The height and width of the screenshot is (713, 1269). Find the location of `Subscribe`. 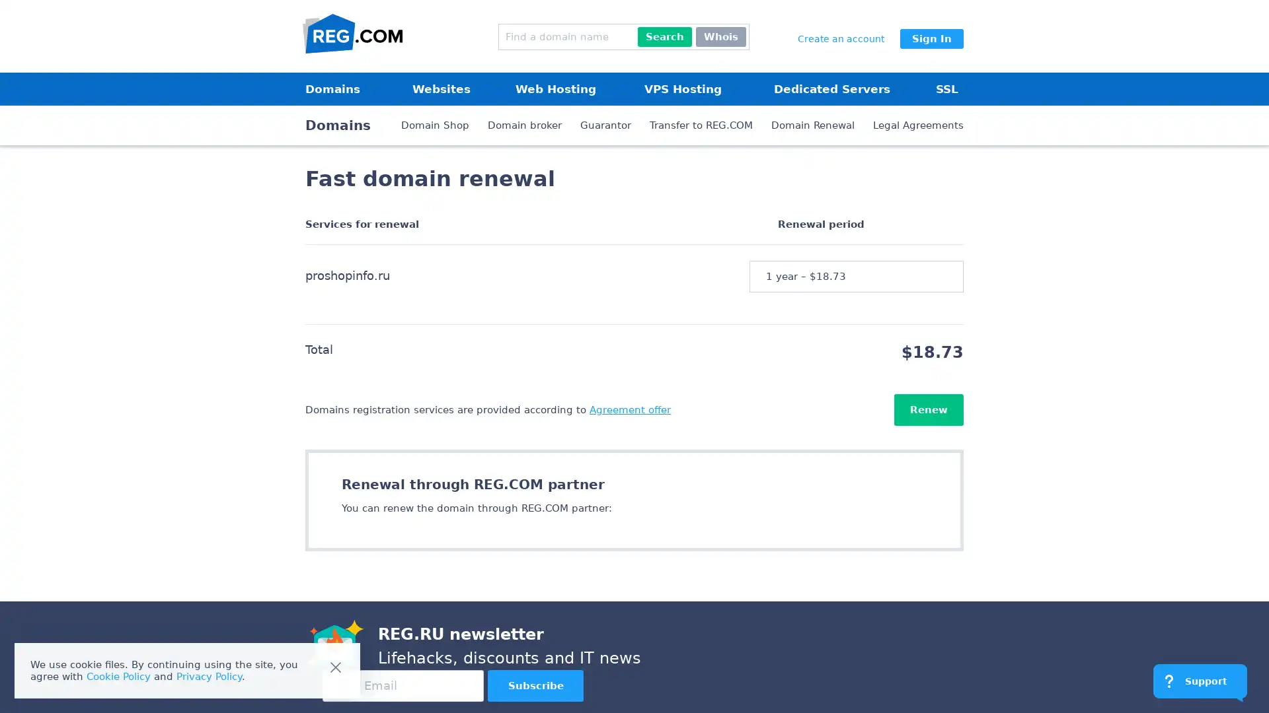

Subscribe is located at coordinates (535, 685).